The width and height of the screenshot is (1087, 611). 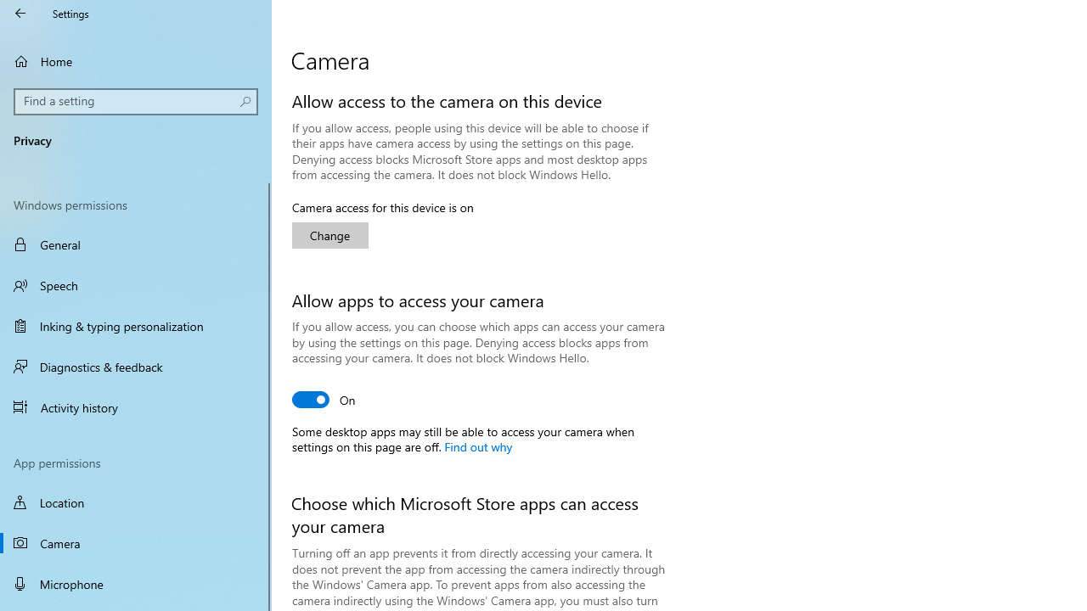 I want to click on 'Search box, Find a setting', so click(x=136, y=101).